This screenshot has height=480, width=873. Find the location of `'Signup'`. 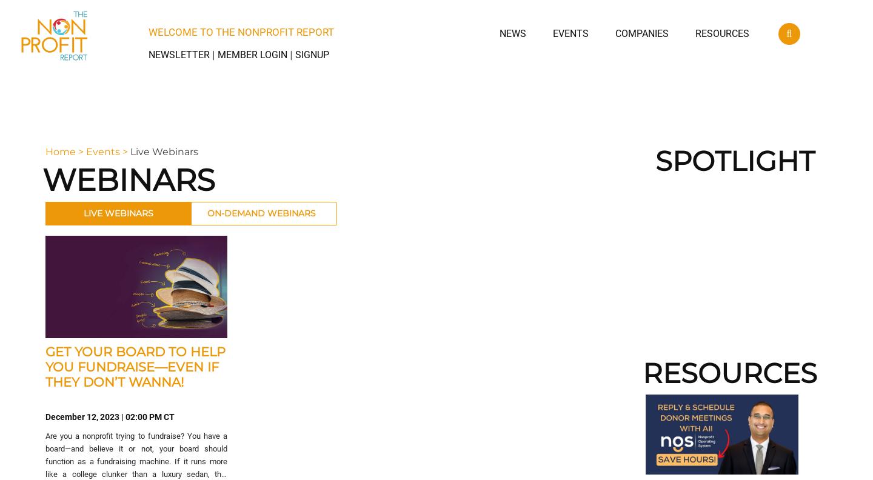

'Signup' is located at coordinates (311, 54).